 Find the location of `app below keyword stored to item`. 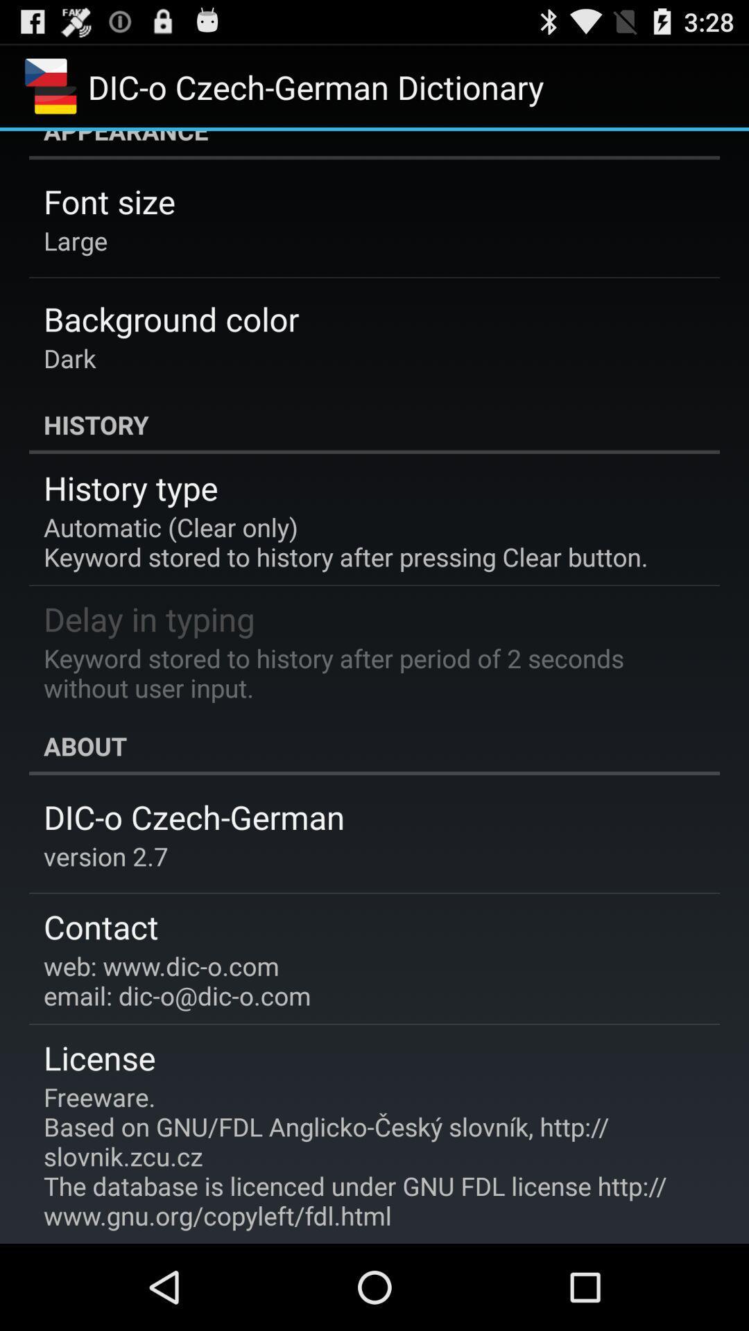

app below keyword stored to item is located at coordinates (374, 745).